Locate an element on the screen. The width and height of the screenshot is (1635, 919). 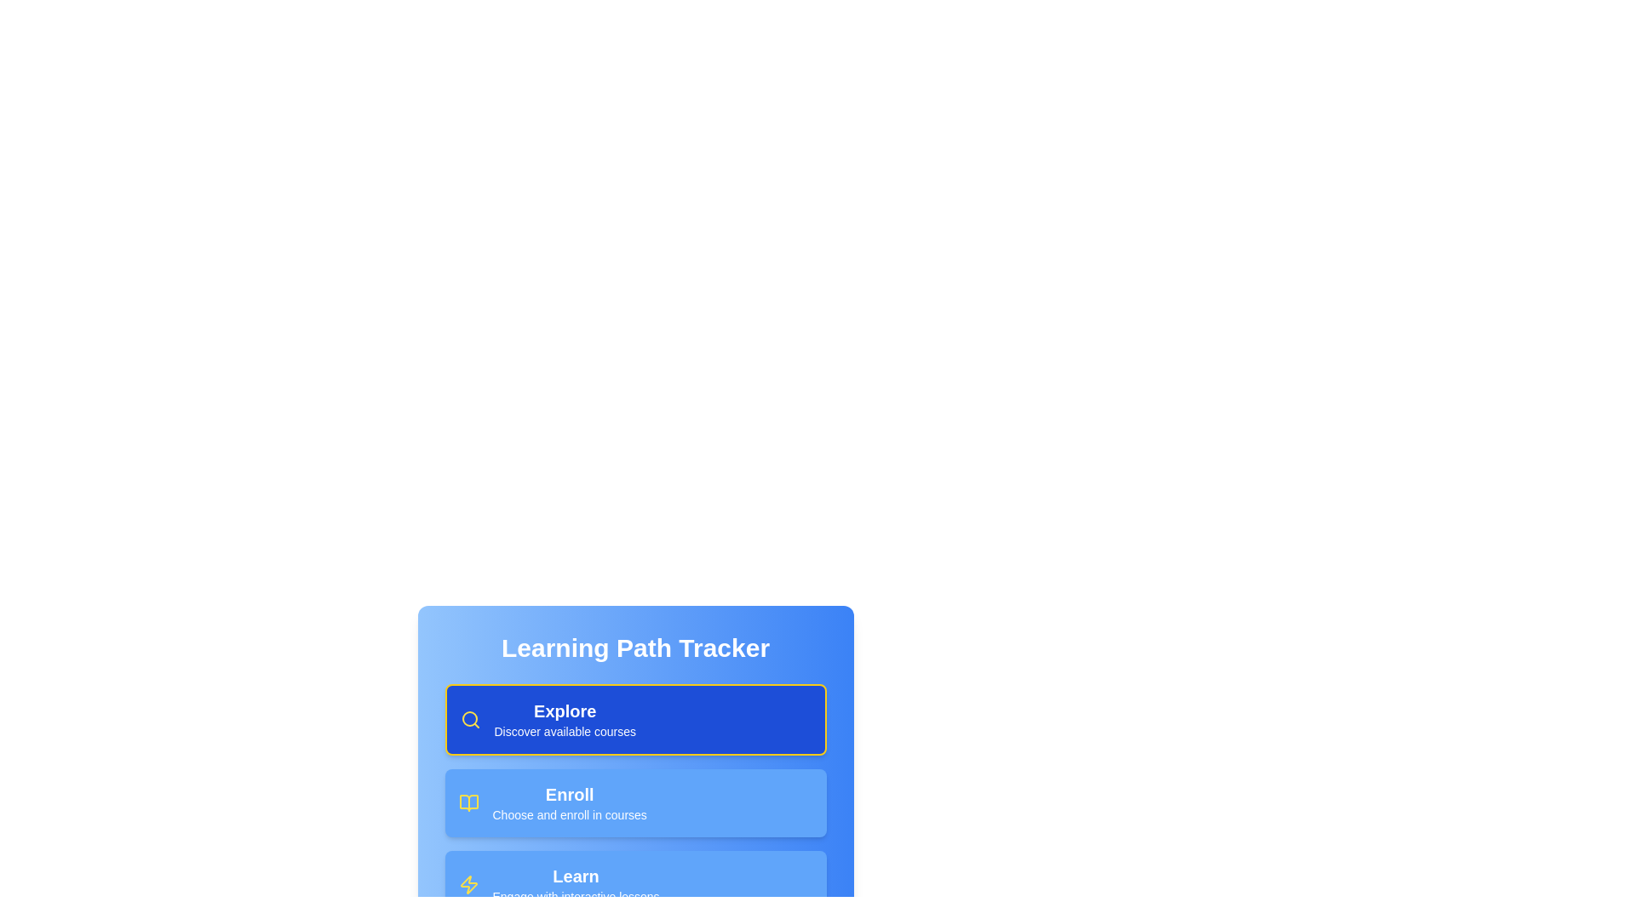
the static text element that reads 'Choose and enroll in courses,' located below the bold 'Enroll' text, within a blue background section is located at coordinates (570, 813).